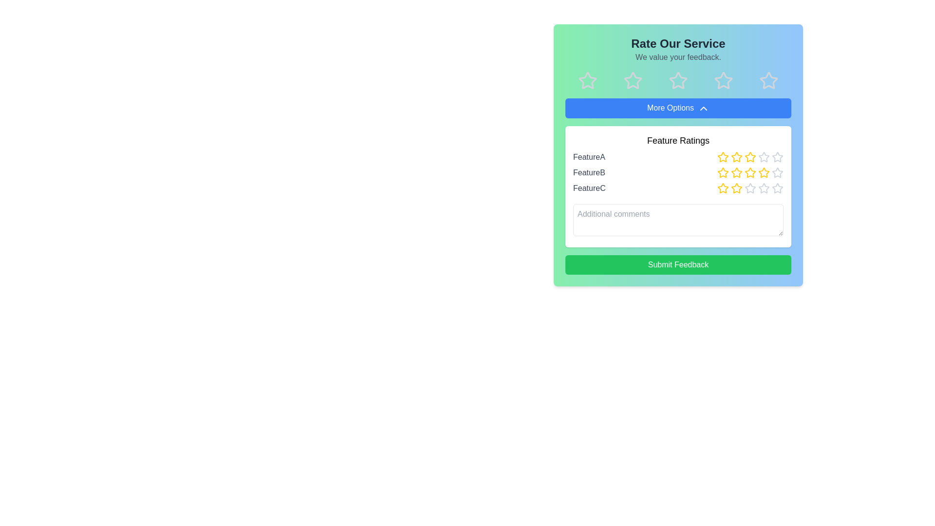 This screenshot has width=935, height=526. What do you see at coordinates (736, 156) in the screenshot?
I see `the fourth filled yellow star icon in the rating bar associated with 'FeatureA'` at bounding box center [736, 156].